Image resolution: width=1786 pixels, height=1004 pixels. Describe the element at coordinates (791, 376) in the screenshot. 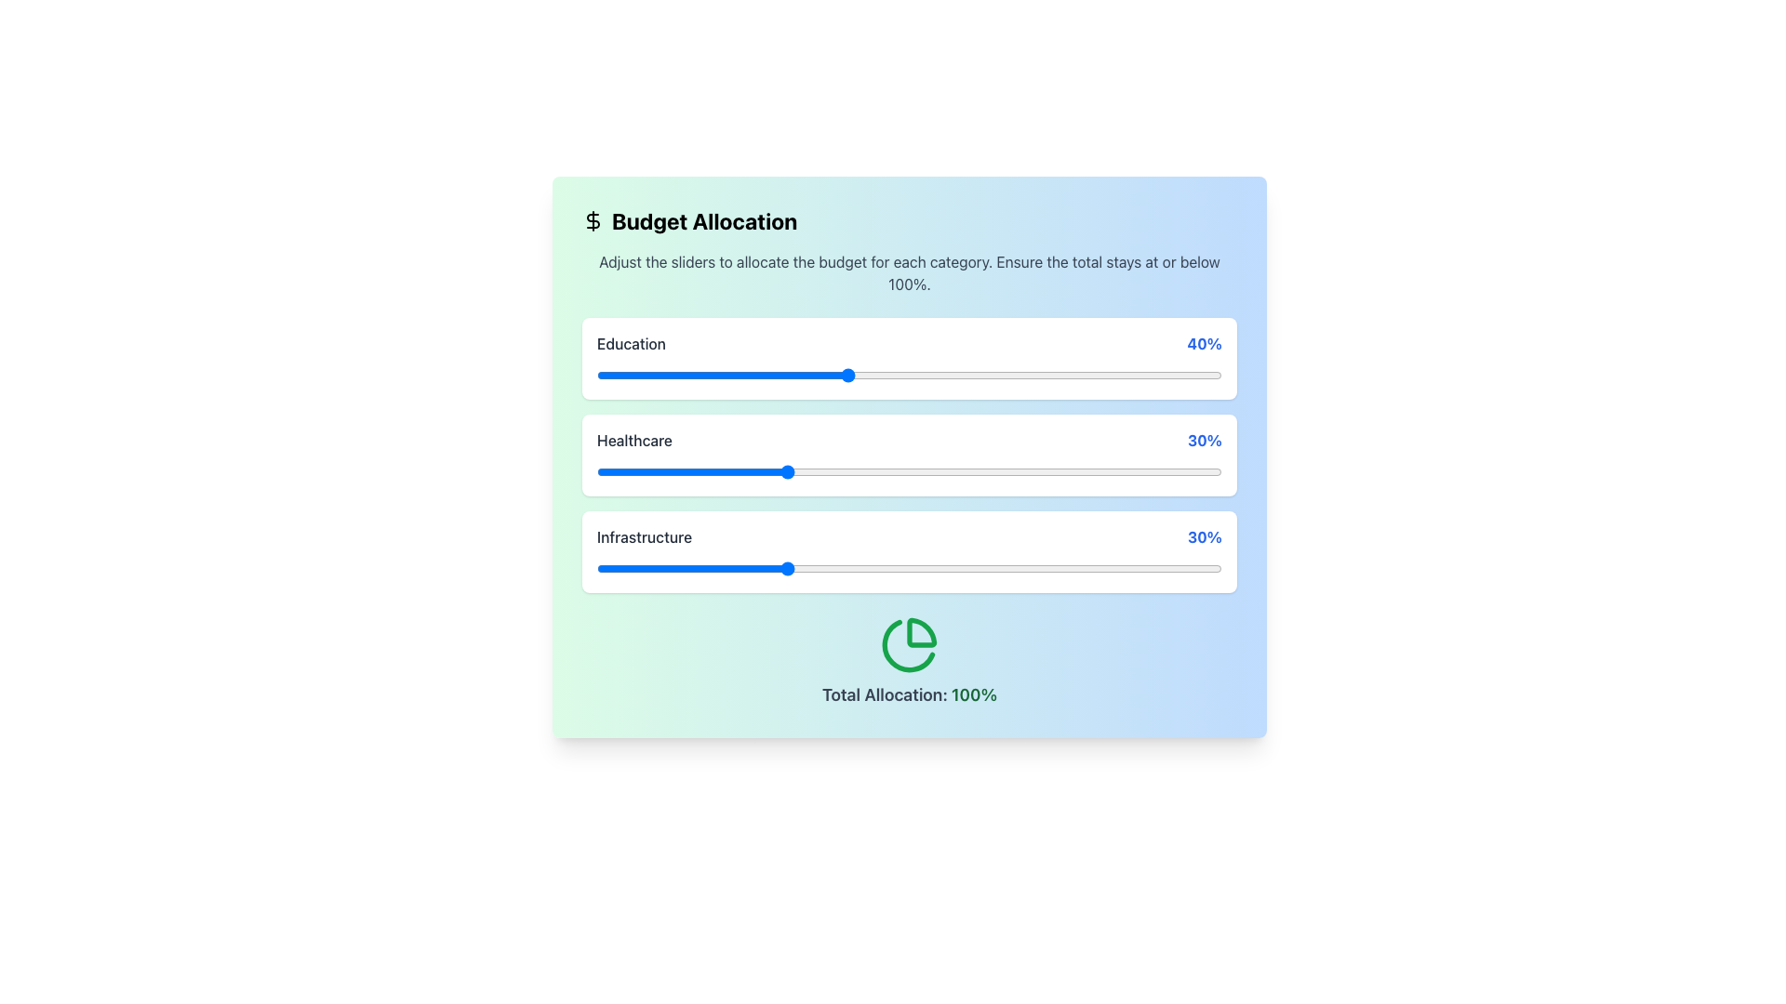

I see `the budget allocation for Education` at that location.